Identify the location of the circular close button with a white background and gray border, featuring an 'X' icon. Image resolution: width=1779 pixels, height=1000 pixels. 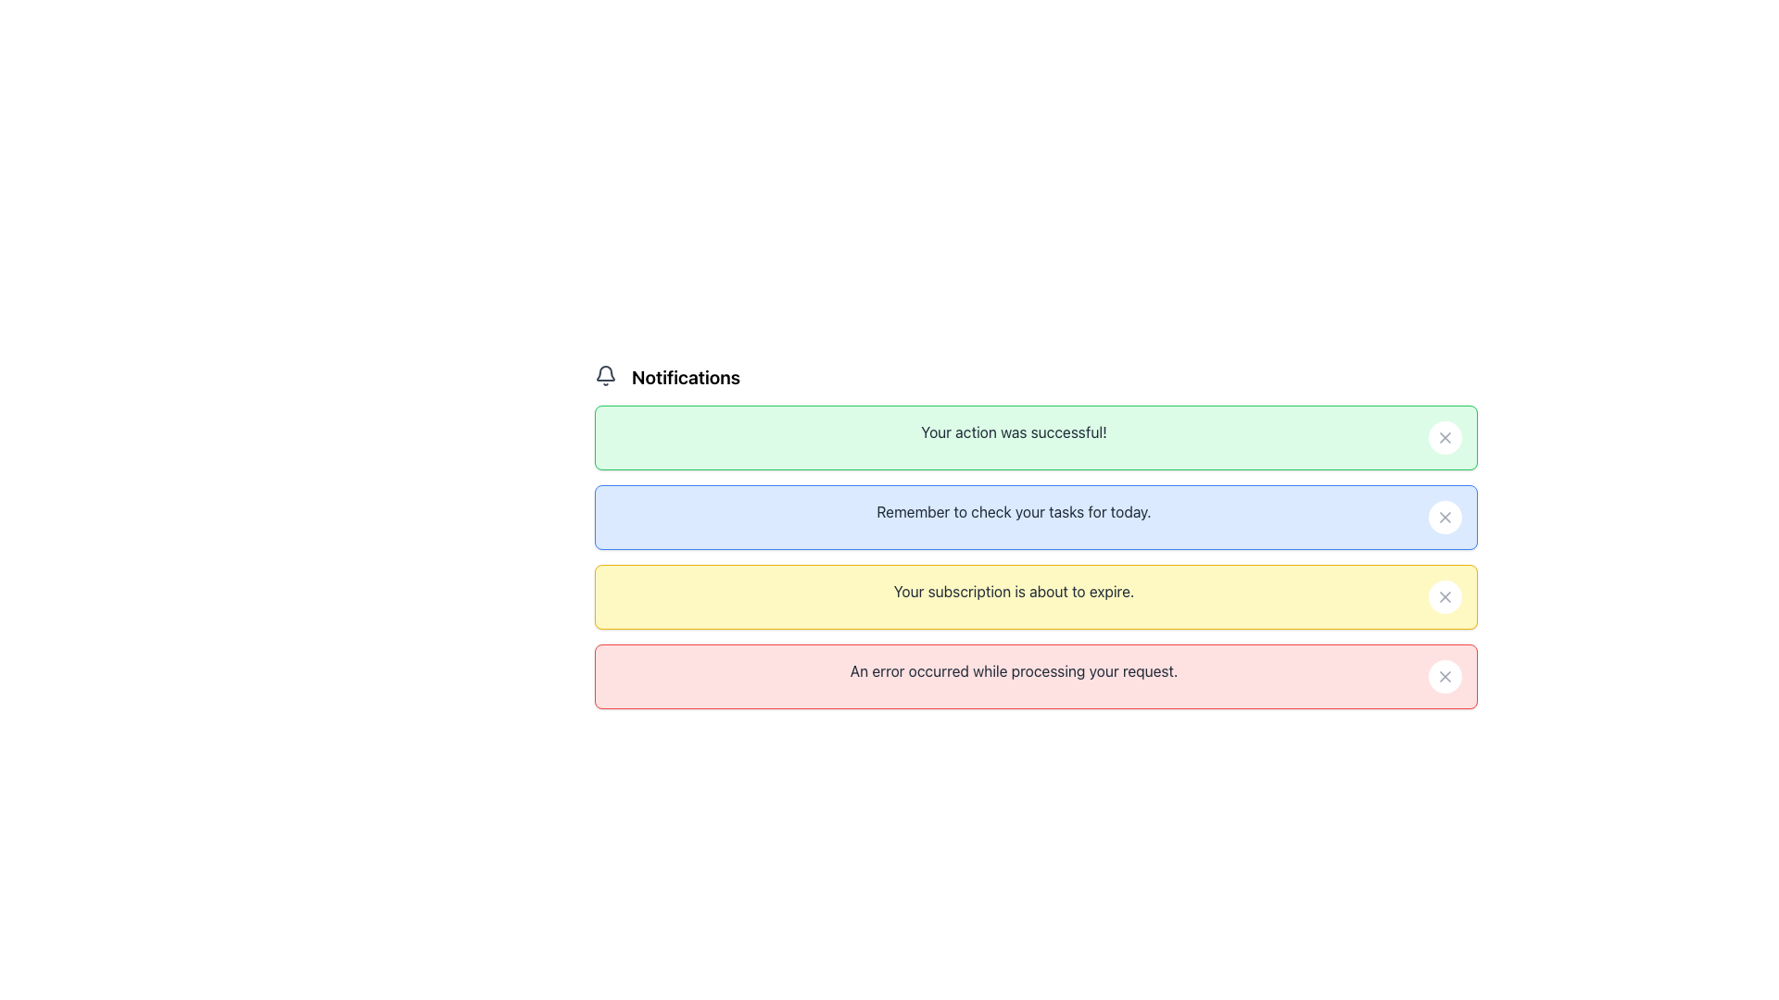
(1445, 518).